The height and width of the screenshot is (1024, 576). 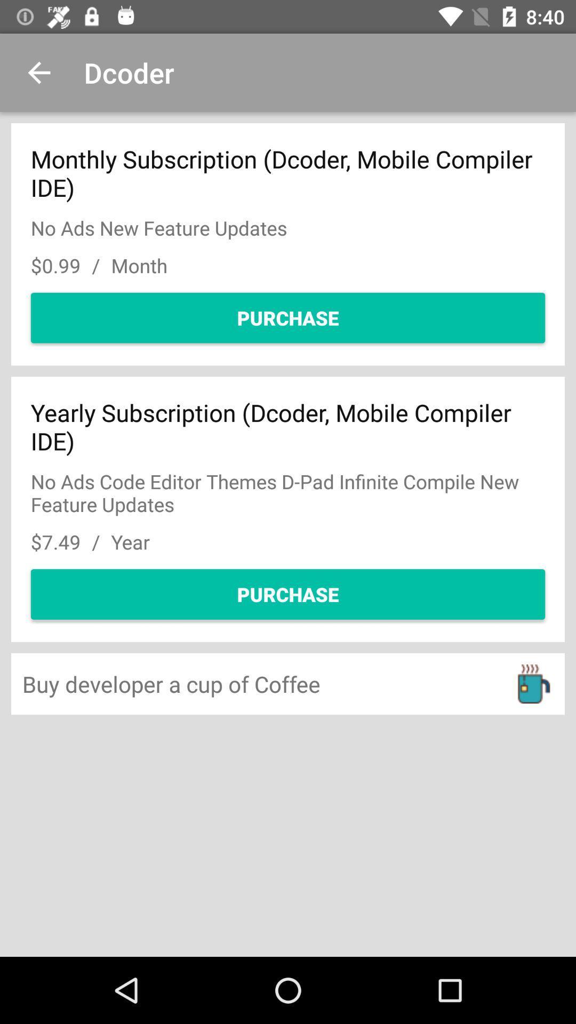 I want to click on the app next to dcoder icon, so click(x=38, y=72).